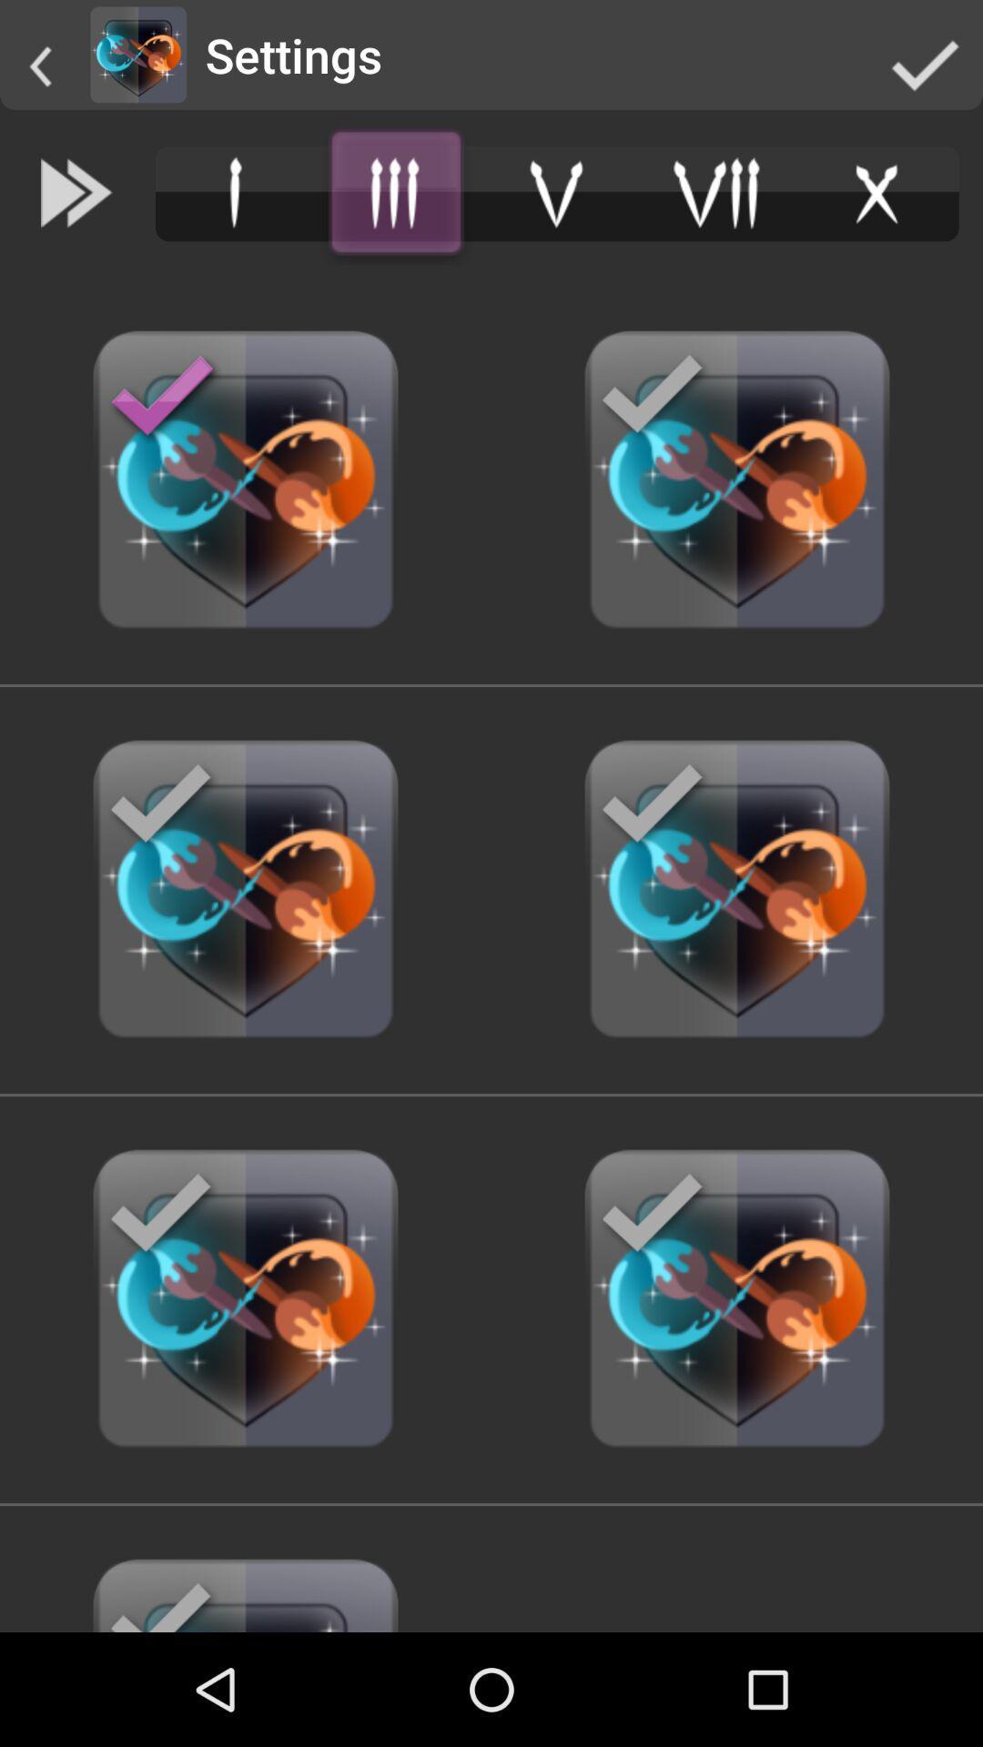 This screenshot has height=1747, width=983. What do you see at coordinates (653, 396) in the screenshot?
I see `the tick mark symbol shown on the second image in the first row` at bounding box center [653, 396].